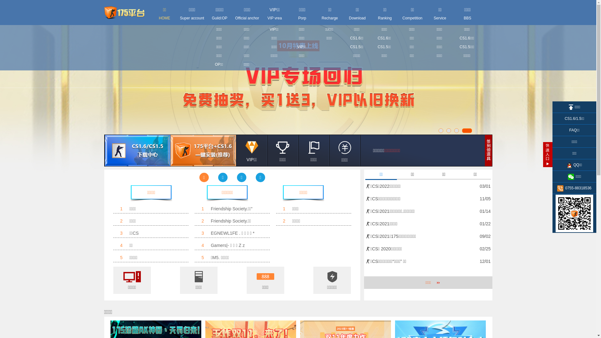  I want to click on '0755-88318536', so click(574, 188).